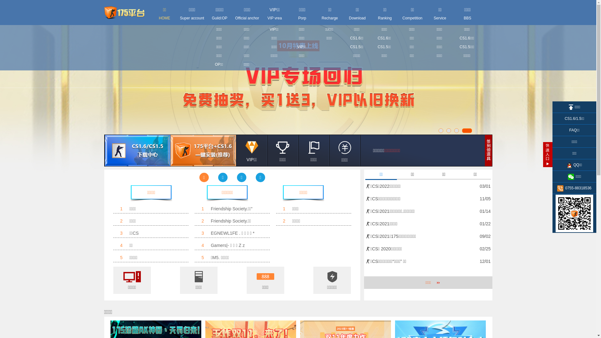  I want to click on '0755-88318536', so click(574, 188).